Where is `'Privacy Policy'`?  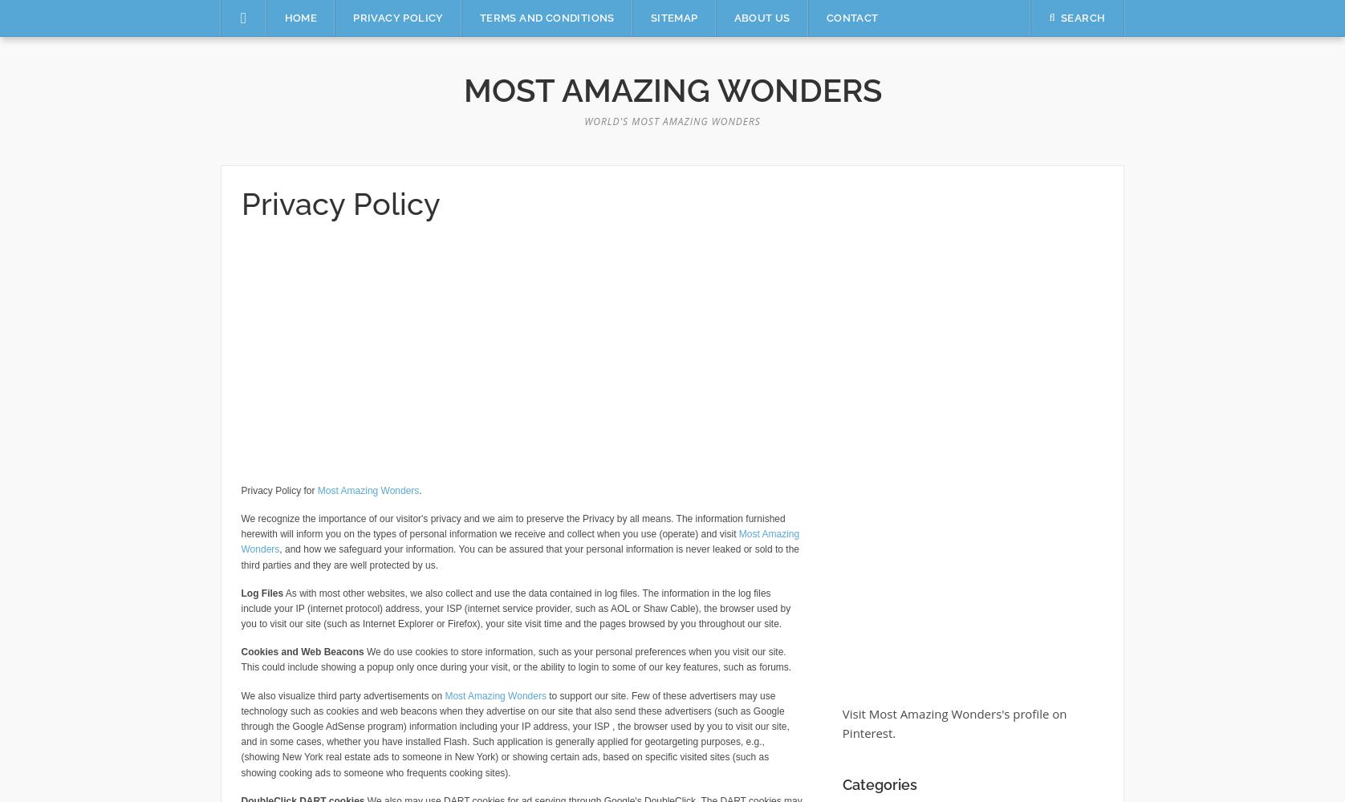
'Privacy Policy' is located at coordinates (340, 204).